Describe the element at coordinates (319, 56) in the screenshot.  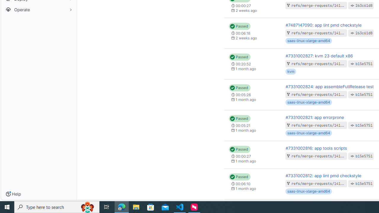
I see `'#7331002827: kvm 23 default x86'` at that location.